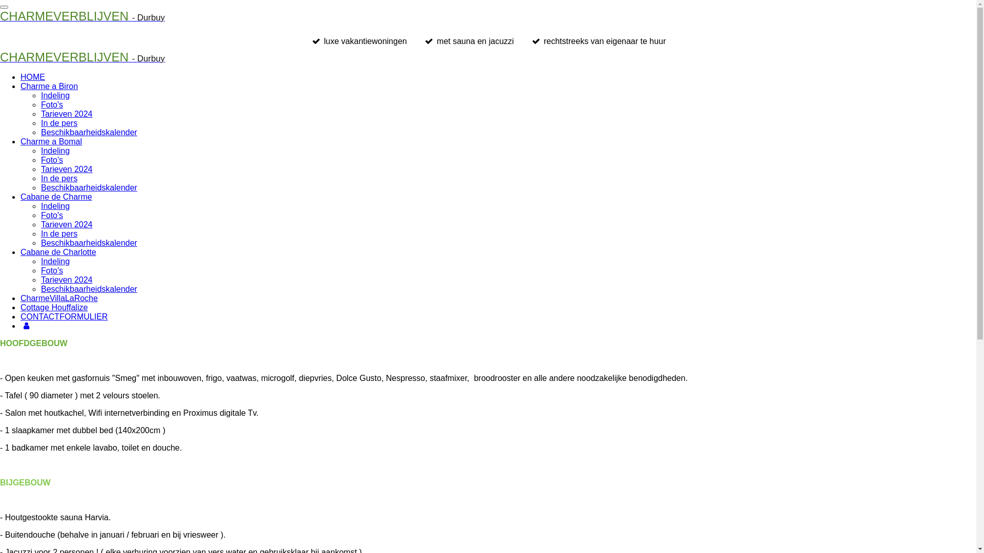 The width and height of the screenshot is (984, 553). What do you see at coordinates (66, 168) in the screenshot?
I see `'Tarieven 2024'` at bounding box center [66, 168].